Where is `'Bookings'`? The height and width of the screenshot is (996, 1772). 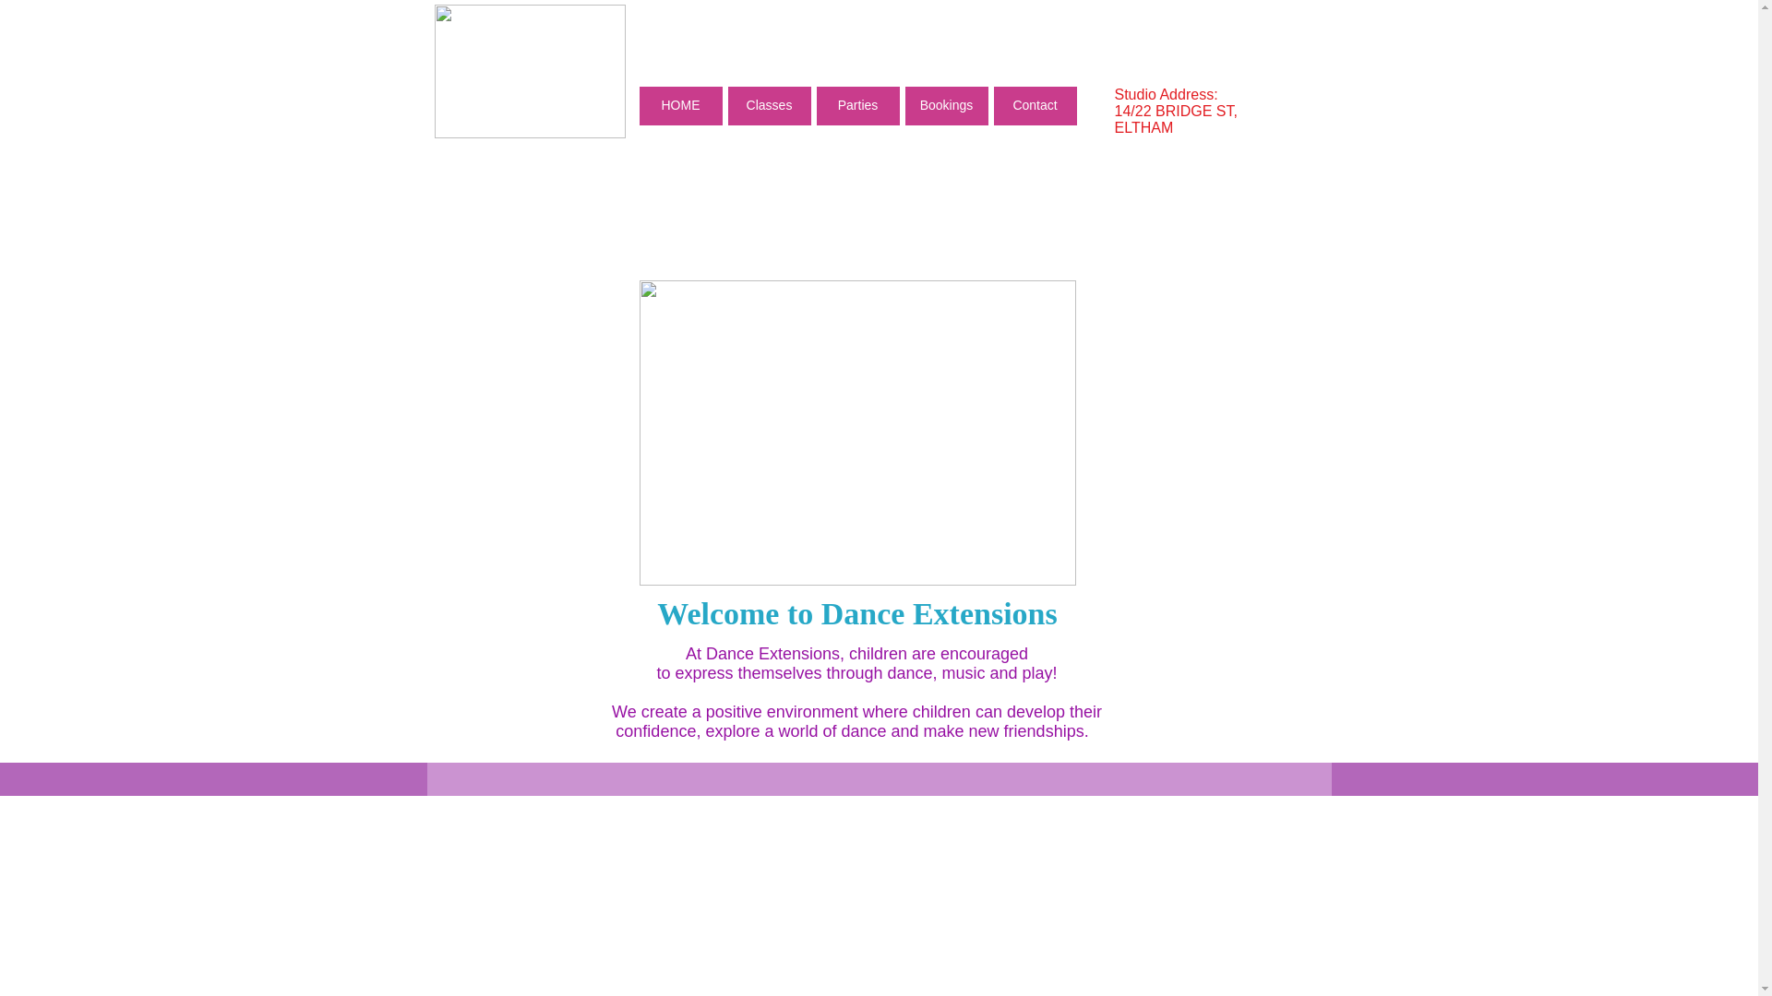
'Bookings' is located at coordinates (946, 106).